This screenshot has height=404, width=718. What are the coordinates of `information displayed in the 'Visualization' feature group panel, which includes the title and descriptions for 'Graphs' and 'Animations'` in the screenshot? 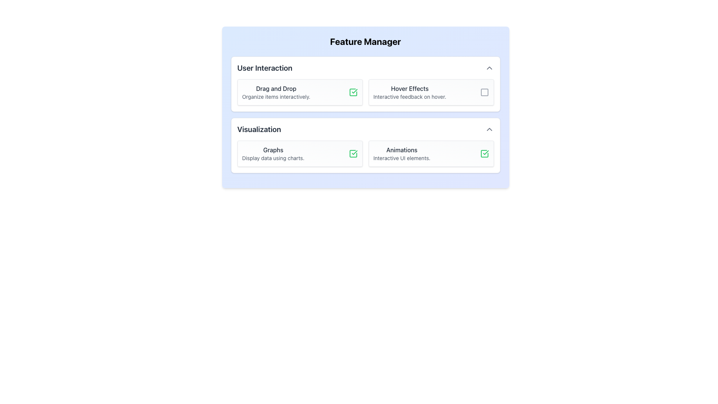 It's located at (365, 146).